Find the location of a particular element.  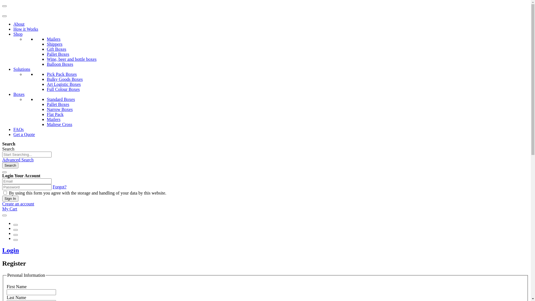

'Pallet Boxes' is located at coordinates (47, 104).